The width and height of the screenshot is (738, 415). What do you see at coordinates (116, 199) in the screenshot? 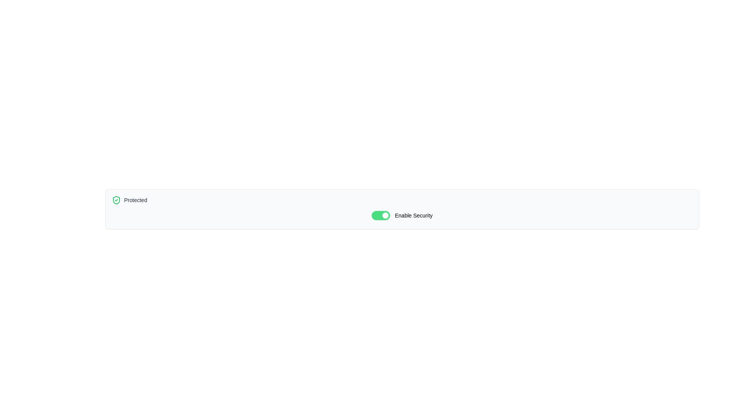
I see `the green shield icon with a checkmark indicating success, located to the left of the 'Protected' text` at bounding box center [116, 199].